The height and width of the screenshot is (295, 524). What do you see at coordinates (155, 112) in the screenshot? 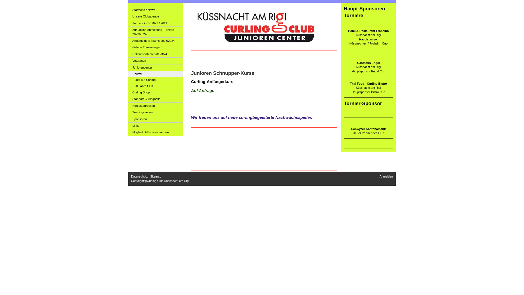
I see `'Trainingszeiten'` at bounding box center [155, 112].